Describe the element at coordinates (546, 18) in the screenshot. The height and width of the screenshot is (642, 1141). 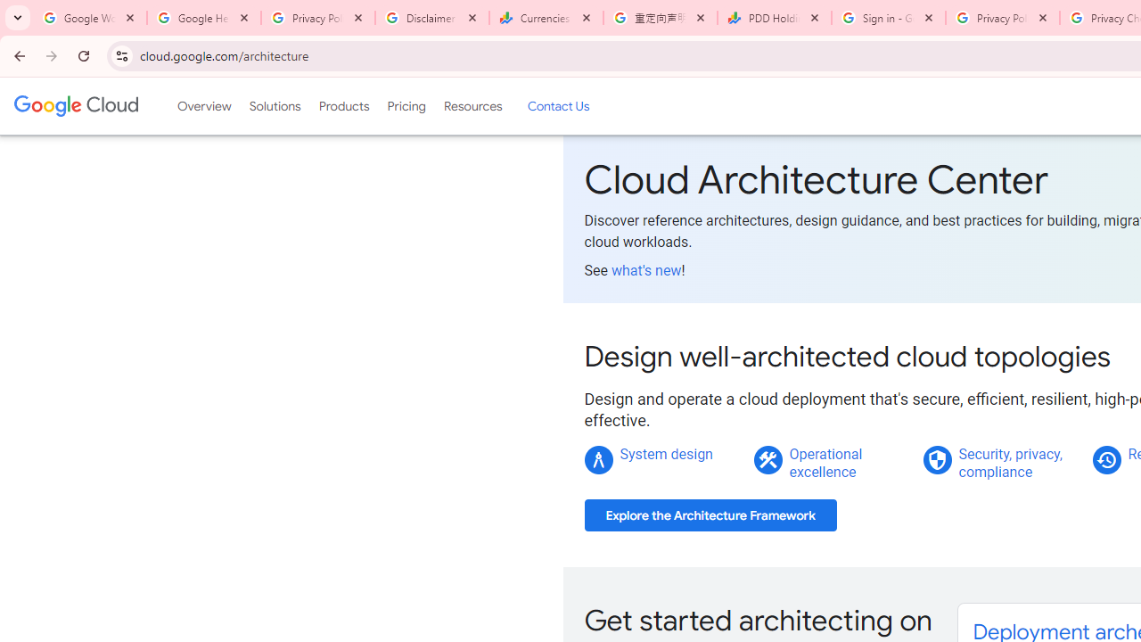
I see `'Currencies - Google Finance'` at that location.